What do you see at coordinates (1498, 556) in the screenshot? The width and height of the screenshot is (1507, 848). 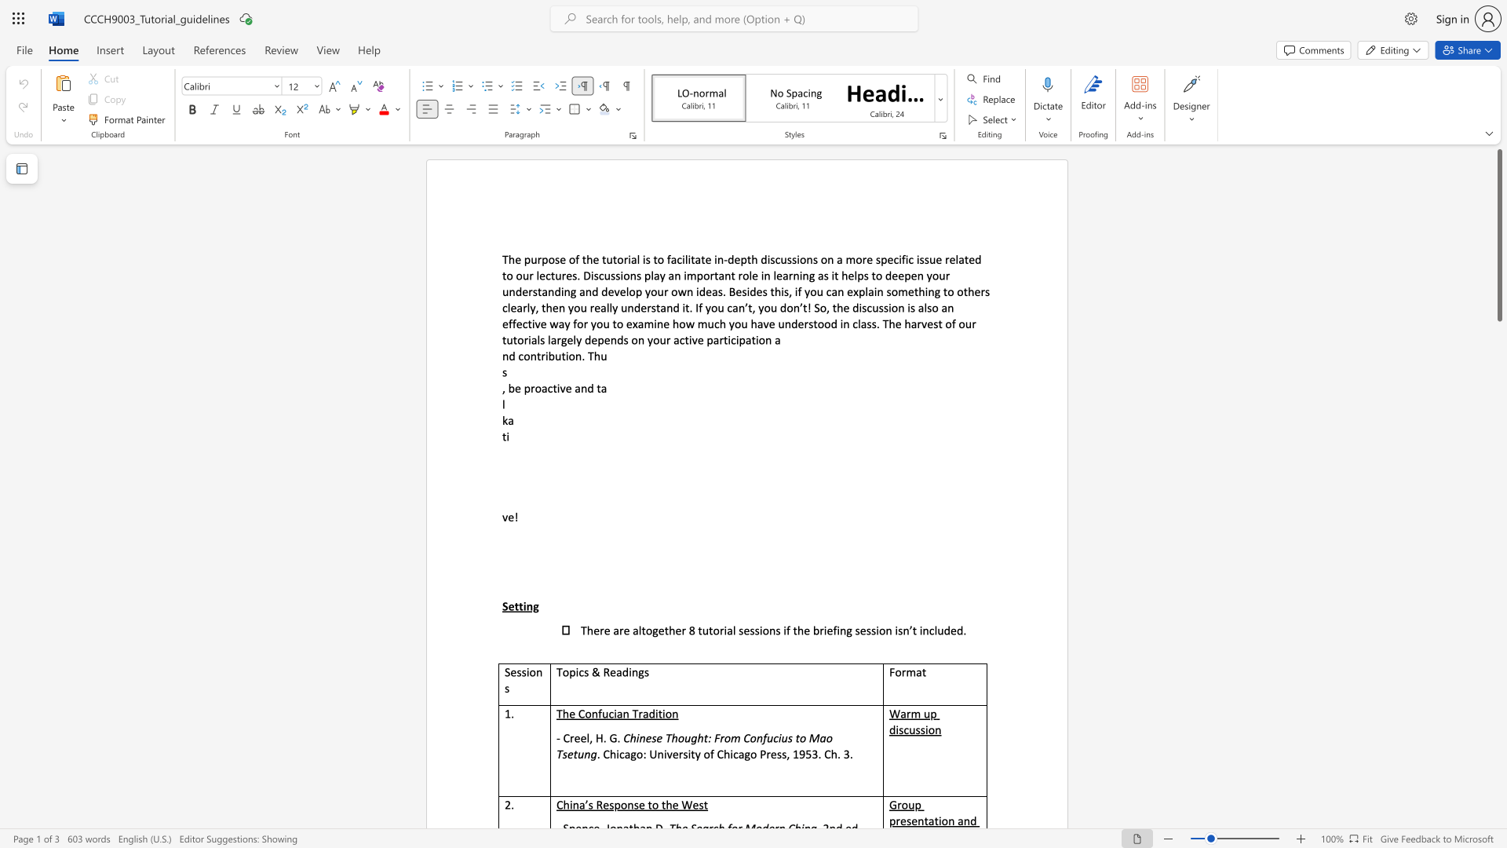 I see `the scrollbar on the right` at bounding box center [1498, 556].